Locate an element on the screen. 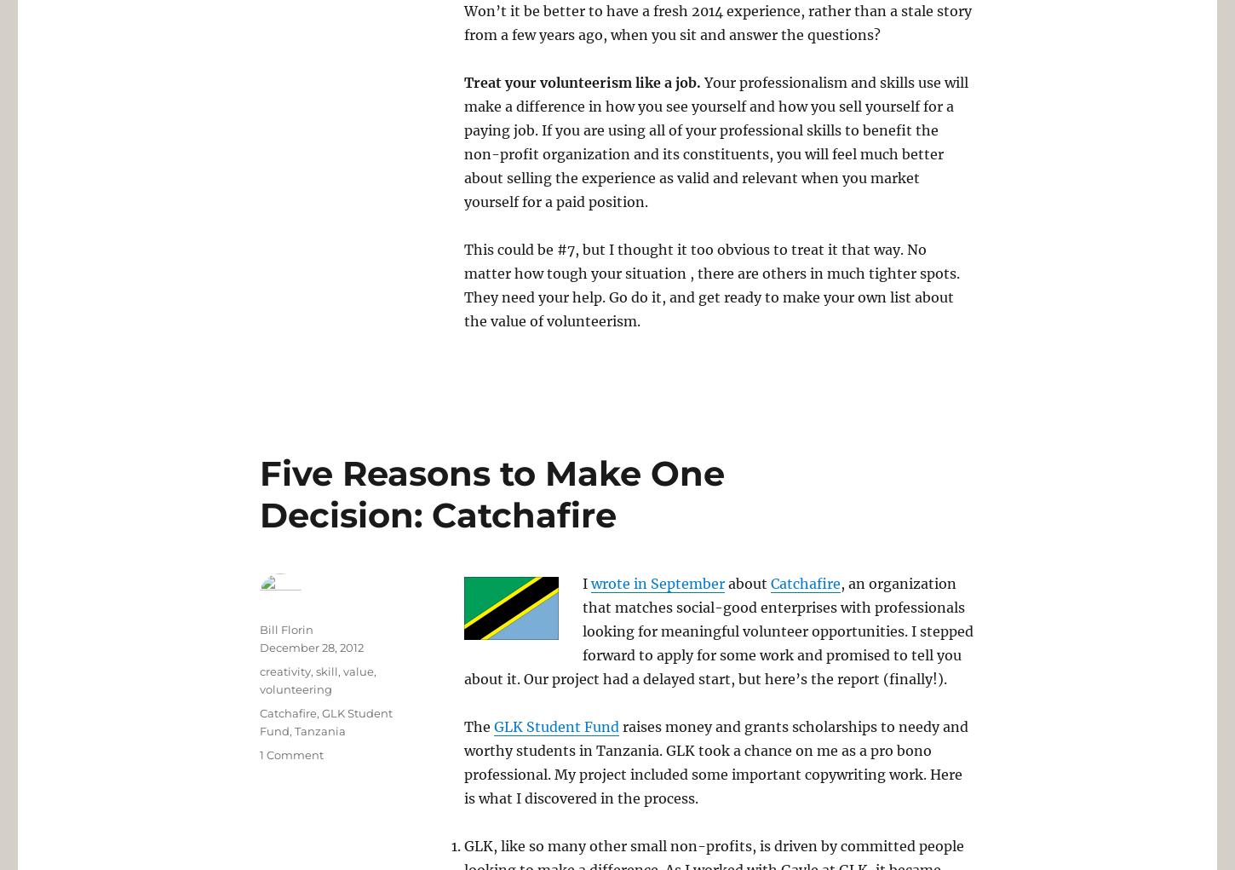 Image resolution: width=1235 pixels, height=870 pixels. 'Five Reasons to Make One Decision: Catchafire' is located at coordinates (491, 493).